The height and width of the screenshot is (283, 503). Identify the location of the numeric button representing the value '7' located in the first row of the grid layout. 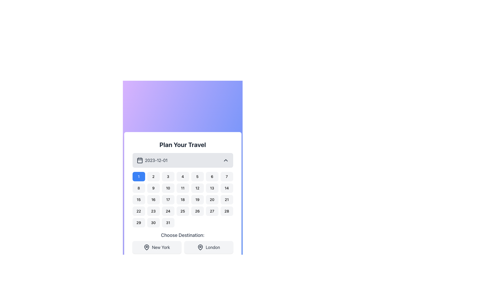
(227, 177).